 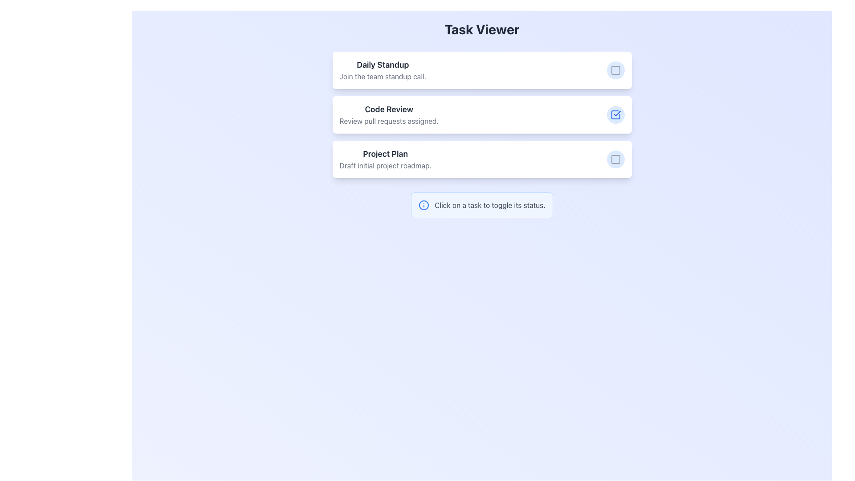 I want to click on the descriptive Text Label that provides context for the 'Daily Standup' task item, located directly below it in the same visual group, so click(x=383, y=76).